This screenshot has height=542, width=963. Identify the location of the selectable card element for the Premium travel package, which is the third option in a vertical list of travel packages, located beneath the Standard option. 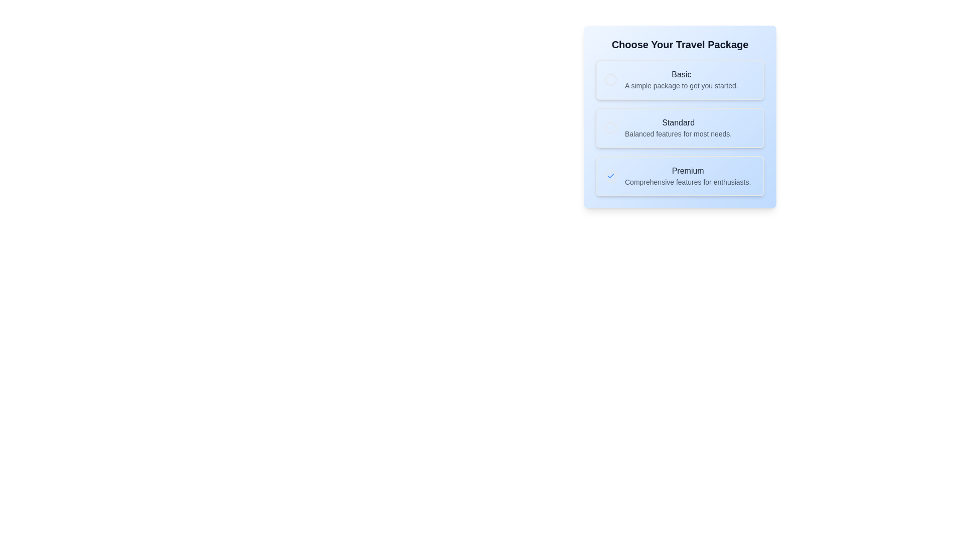
(680, 176).